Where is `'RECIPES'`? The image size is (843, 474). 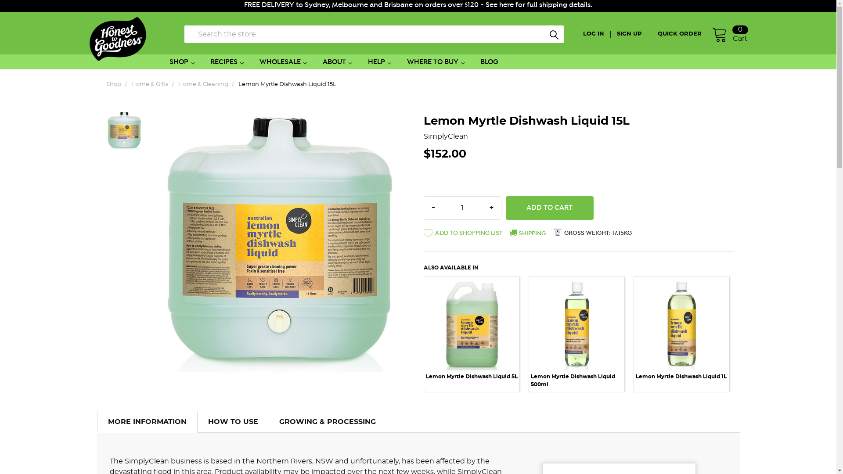
'RECIPES' is located at coordinates (227, 61).